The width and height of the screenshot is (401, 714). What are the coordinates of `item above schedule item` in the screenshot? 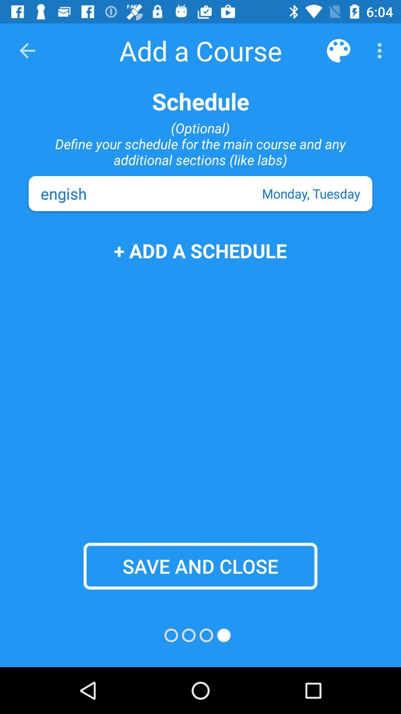 It's located at (381, 50).